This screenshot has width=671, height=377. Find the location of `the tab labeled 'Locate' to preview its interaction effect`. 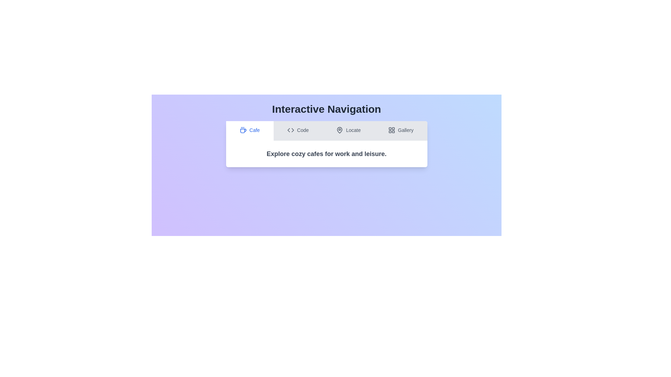

the tab labeled 'Locate' to preview its interaction effect is located at coordinates (348, 131).